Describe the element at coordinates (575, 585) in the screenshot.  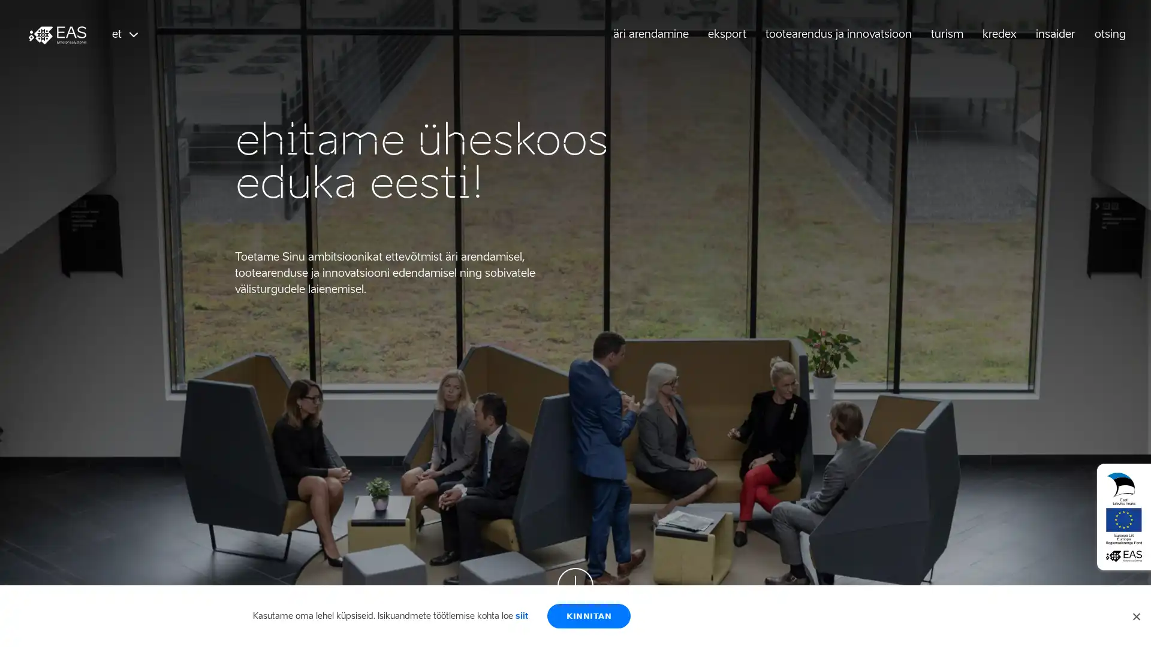
I see `Scroll down` at that location.